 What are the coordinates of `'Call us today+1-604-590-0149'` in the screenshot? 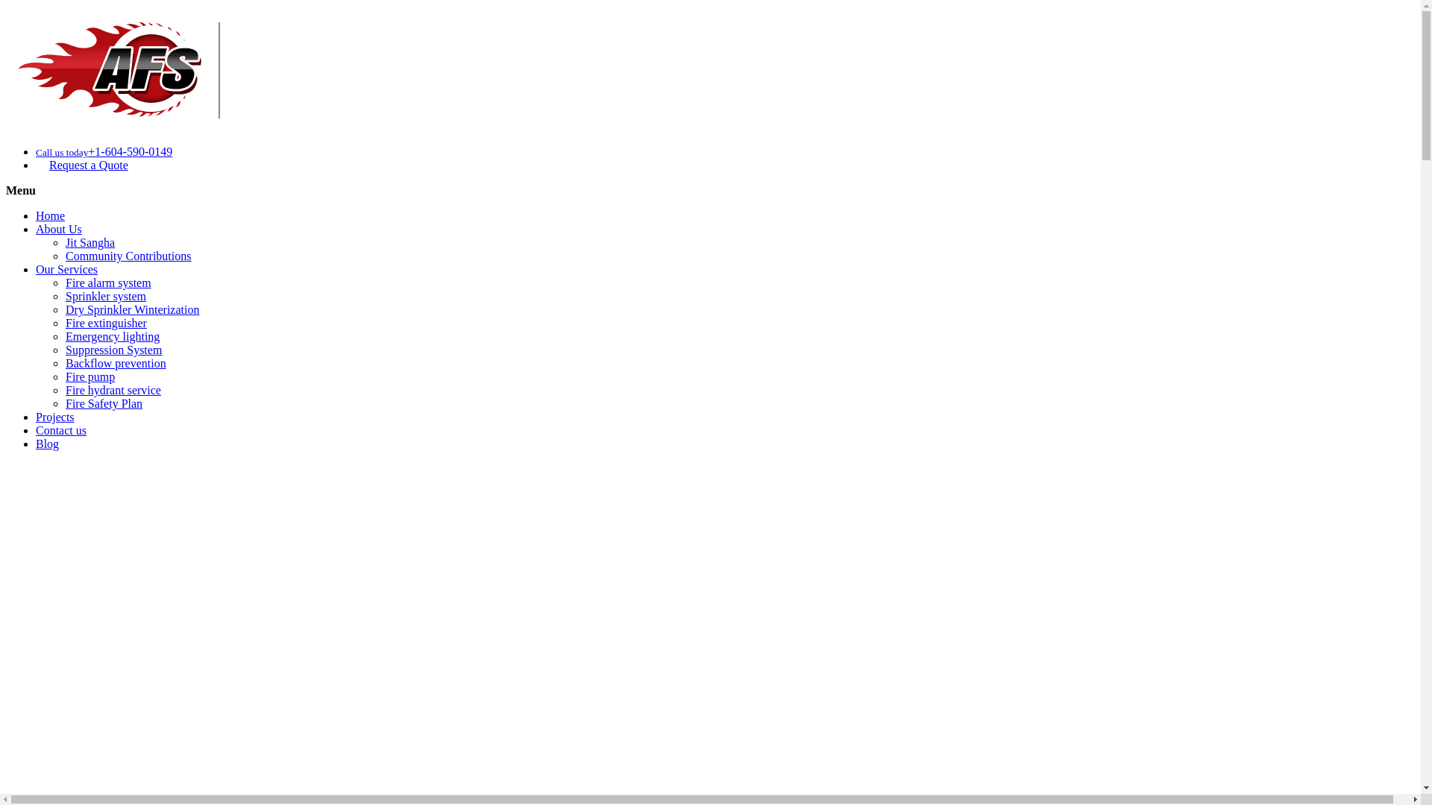 It's located at (103, 151).